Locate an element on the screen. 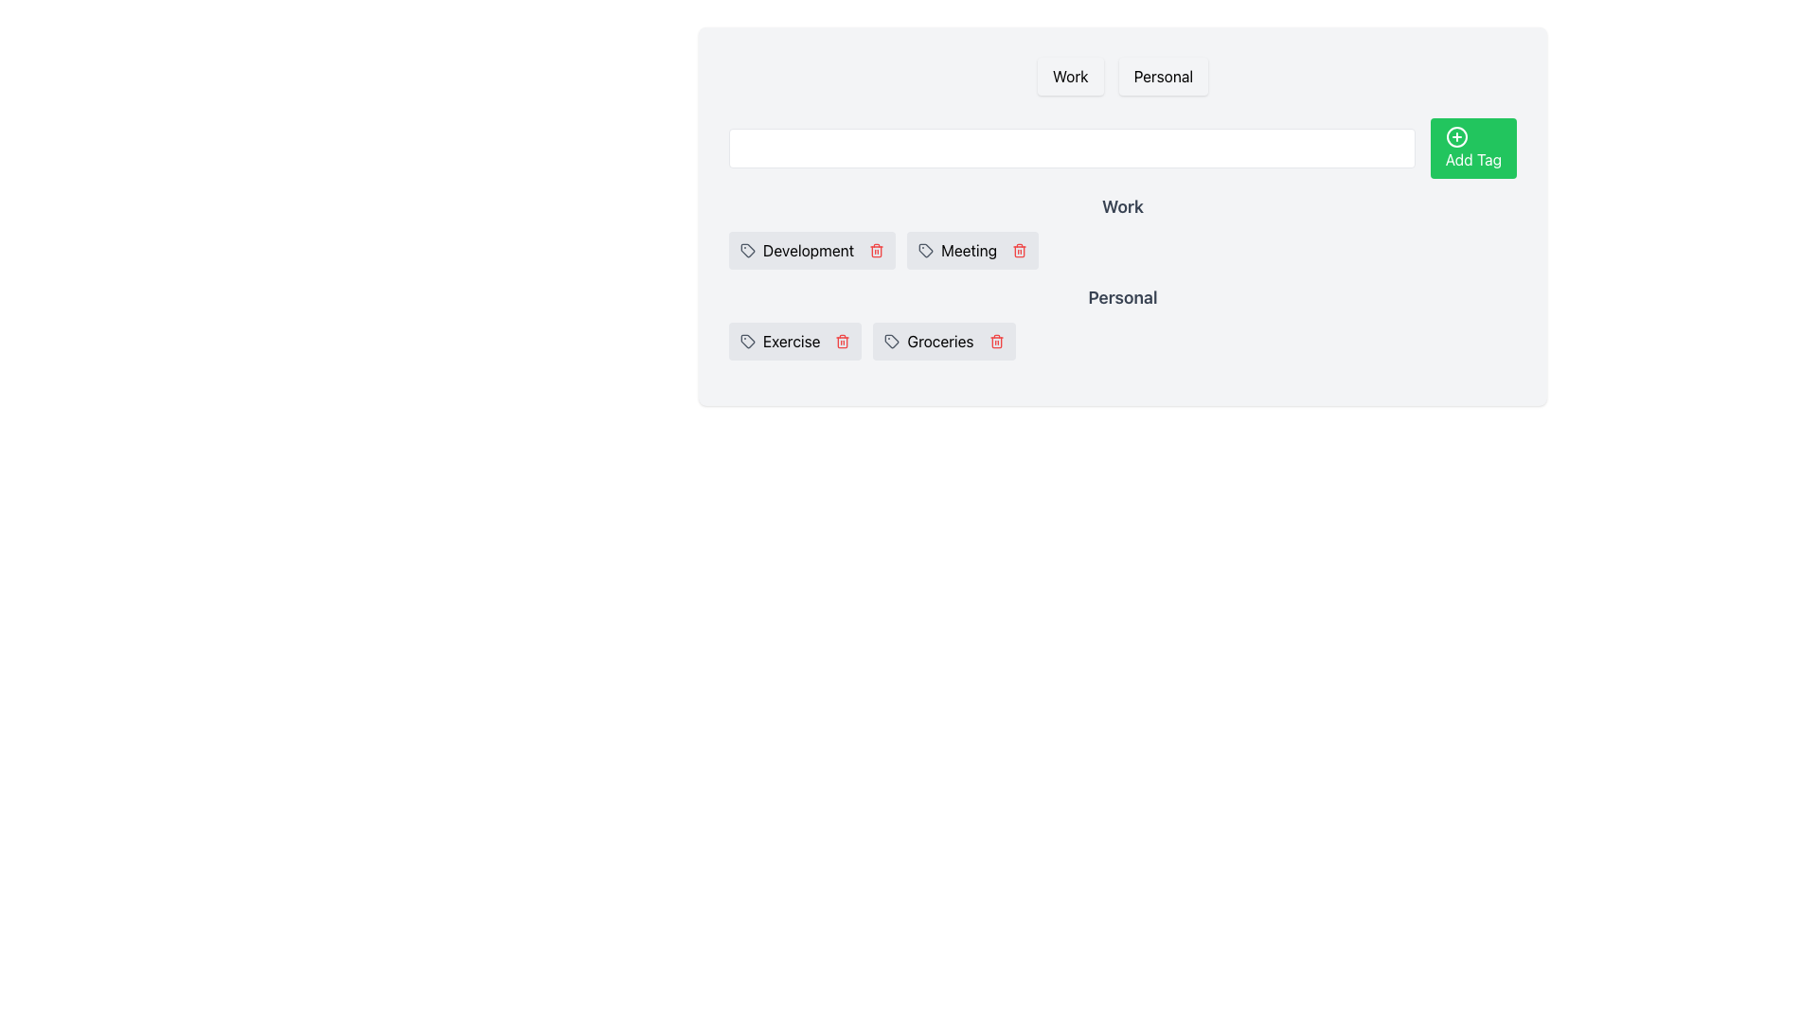 The width and height of the screenshot is (1818, 1022). the red trash can icon button located to the right of the 'Meeting' label in the 'Work' section is located at coordinates (1019, 250).